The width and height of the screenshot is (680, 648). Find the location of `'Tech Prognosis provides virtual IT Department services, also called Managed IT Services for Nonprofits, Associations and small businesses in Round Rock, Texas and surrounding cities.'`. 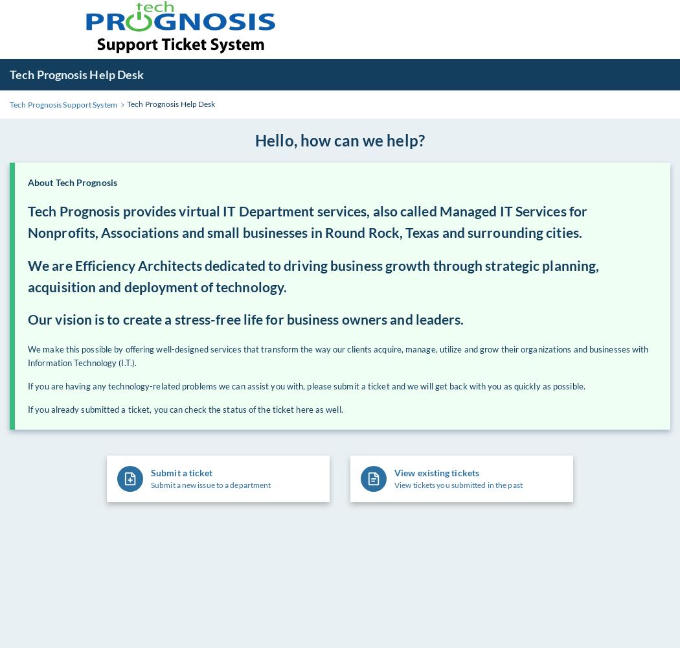

'Tech Prognosis provides virtual IT Department services, also called Managed IT Services for Nonprofits, Associations and small businesses in Round Rock, Texas and surrounding cities.' is located at coordinates (308, 221).